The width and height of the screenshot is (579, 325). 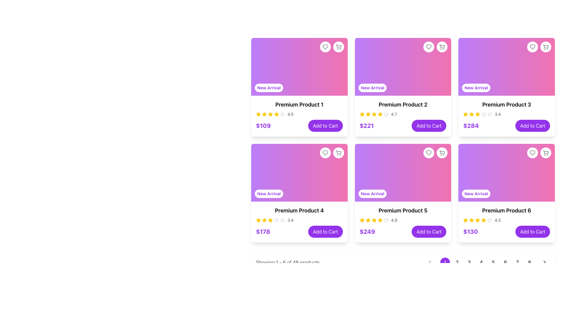 What do you see at coordinates (338, 46) in the screenshot?
I see `the shopping cart icon located in the top-right corner of the 'Premium Product 1' card for accessibility navigation` at bounding box center [338, 46].